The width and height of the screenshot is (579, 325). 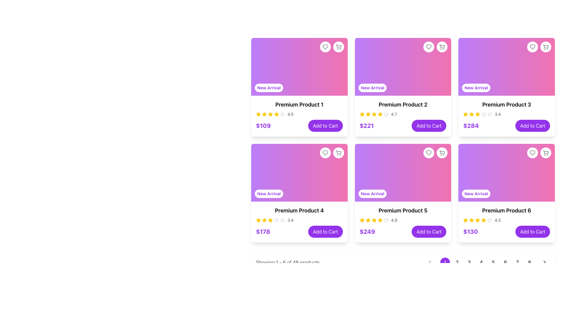 What do you see at coordinates (338, 46) in the screenshot?
I see `the shopping cart icon located in the top-right corner of the 'Premium Product 1' card for accessibility navigation` at bounding box center [338, 46].